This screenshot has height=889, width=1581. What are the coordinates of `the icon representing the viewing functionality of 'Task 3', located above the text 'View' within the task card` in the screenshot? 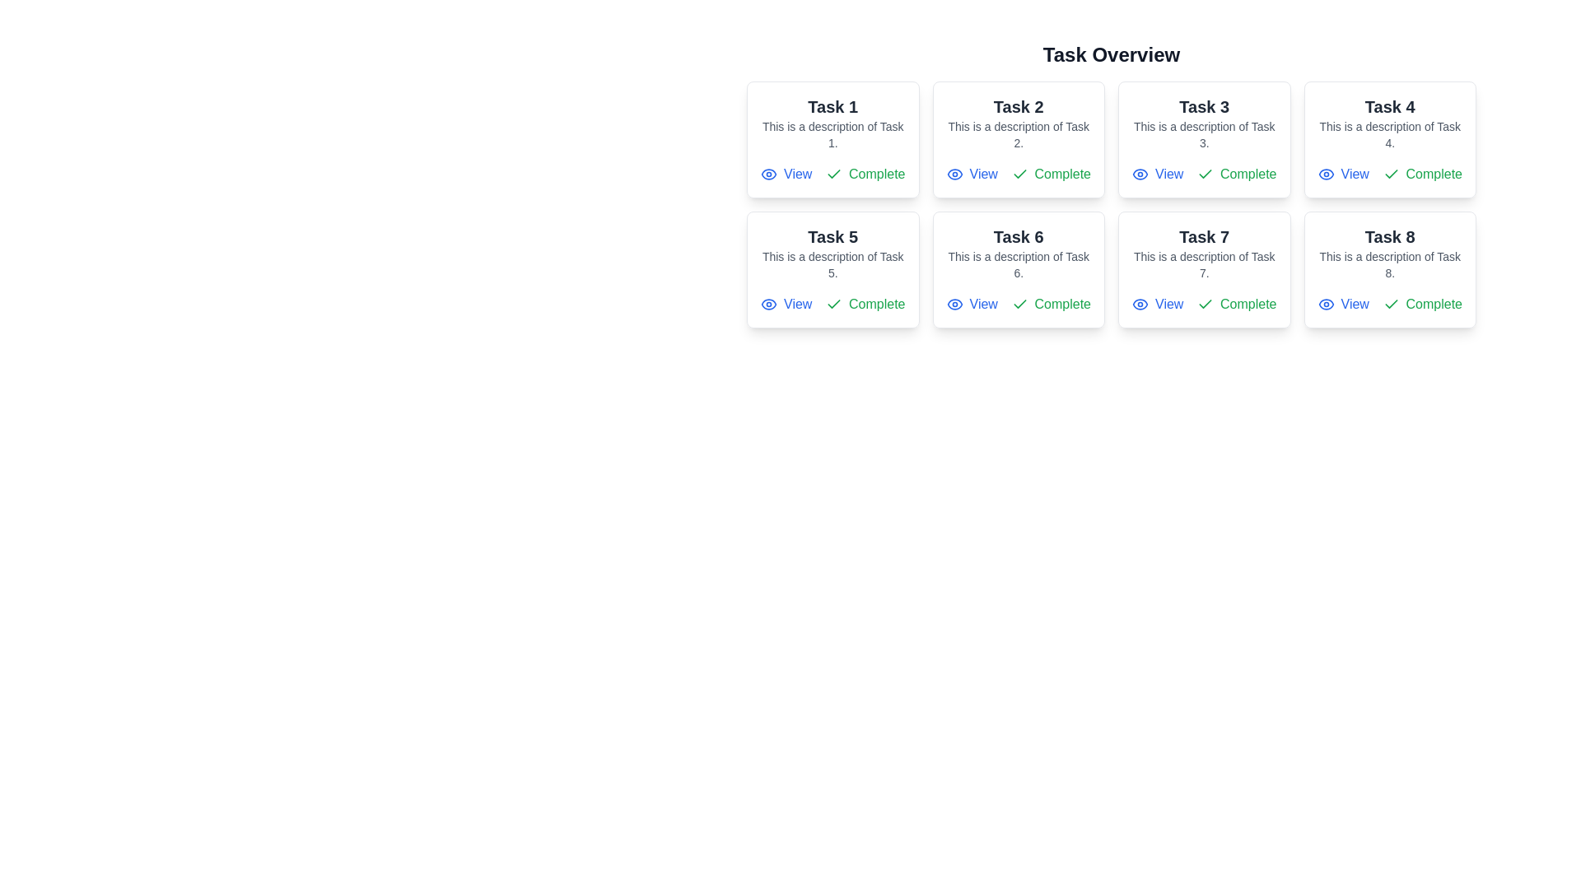 It's located at (1140, 175).